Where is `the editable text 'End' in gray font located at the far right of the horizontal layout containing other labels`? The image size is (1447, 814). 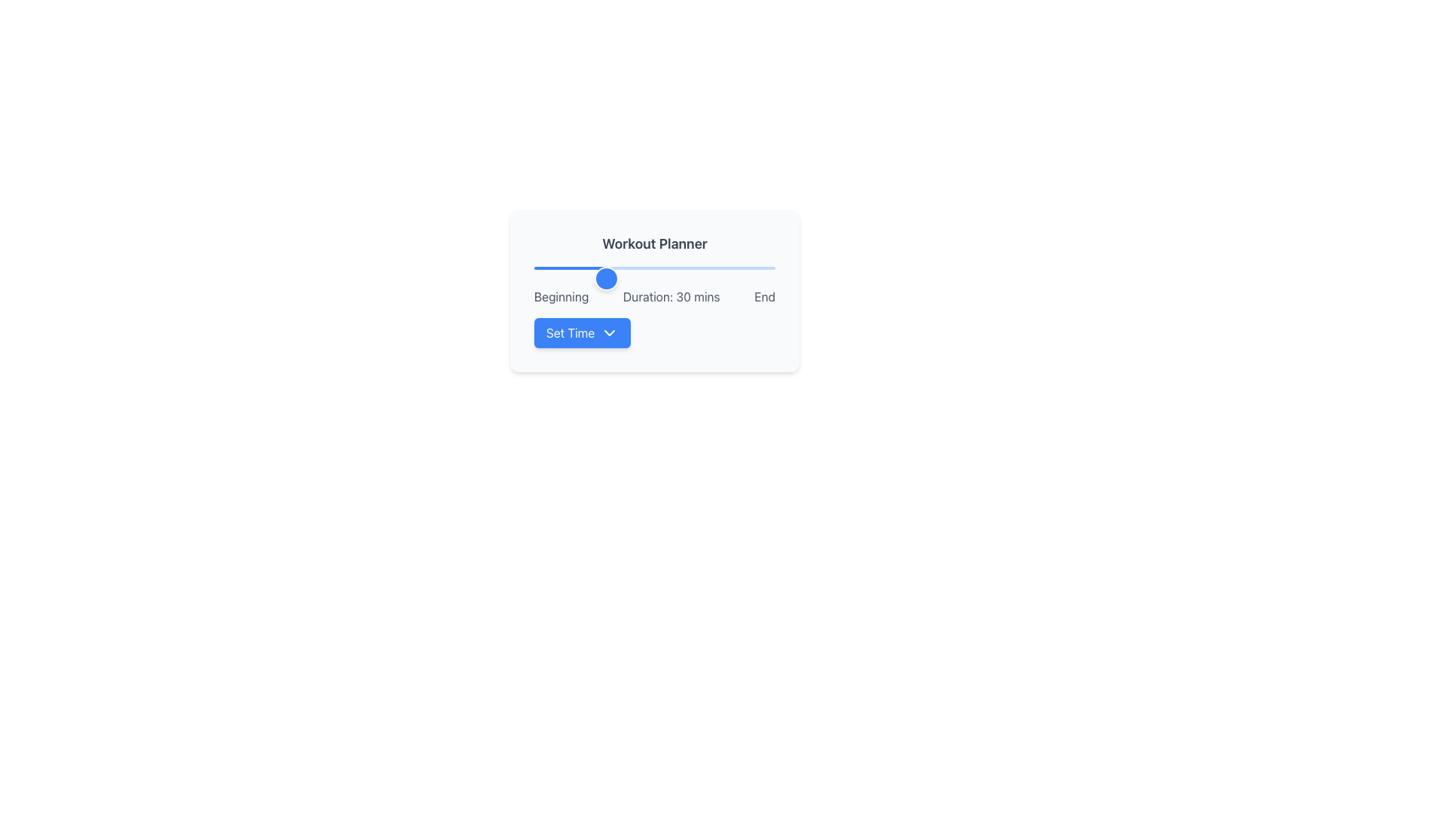 the editable text 'End' in gray font located at the far right of the horizontal layout containing other labels is located at coordinates (765, 296).